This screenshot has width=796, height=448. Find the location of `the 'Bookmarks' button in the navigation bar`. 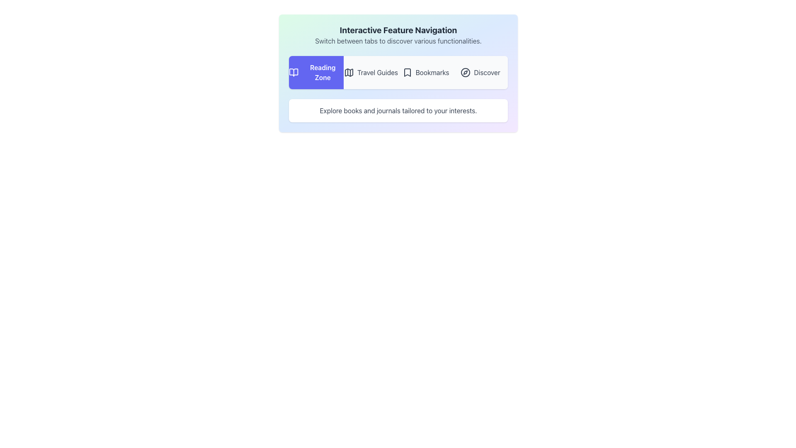

the 'Bookmarks' button in the navigation bar is located at coordinates (426, 72).